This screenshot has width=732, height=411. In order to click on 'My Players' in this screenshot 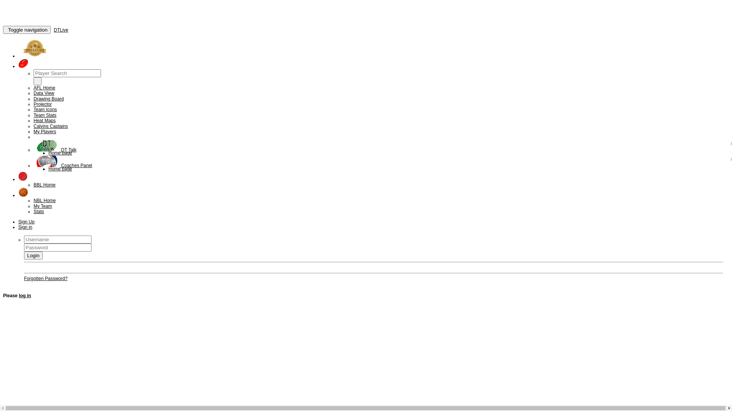, I will do `click(44, 131)`.